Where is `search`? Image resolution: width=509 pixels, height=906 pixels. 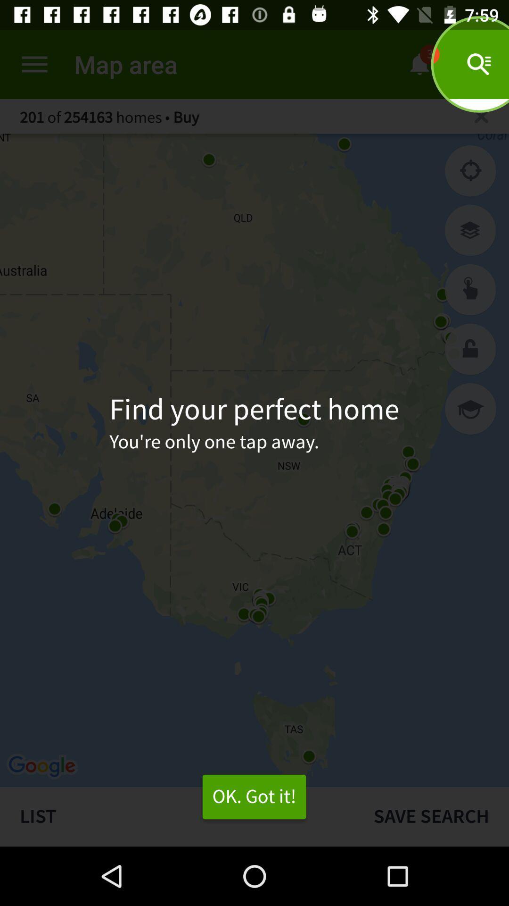
search is located at coordinates (481, 116).